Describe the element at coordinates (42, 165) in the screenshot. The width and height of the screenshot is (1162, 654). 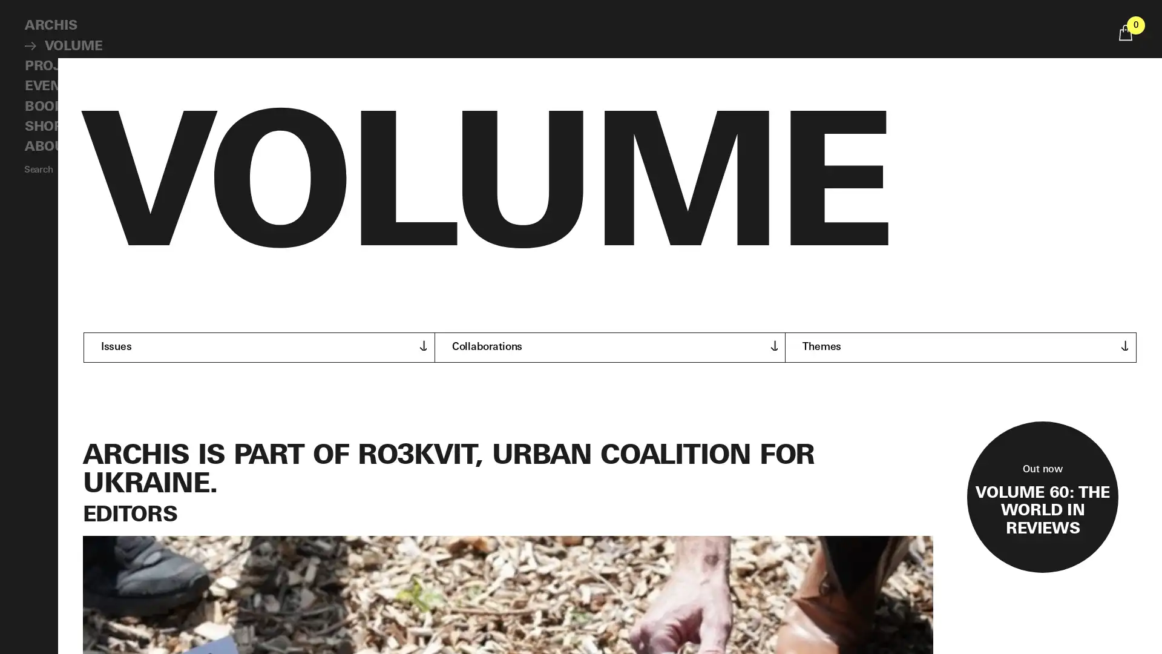
I see `Search` at that location.